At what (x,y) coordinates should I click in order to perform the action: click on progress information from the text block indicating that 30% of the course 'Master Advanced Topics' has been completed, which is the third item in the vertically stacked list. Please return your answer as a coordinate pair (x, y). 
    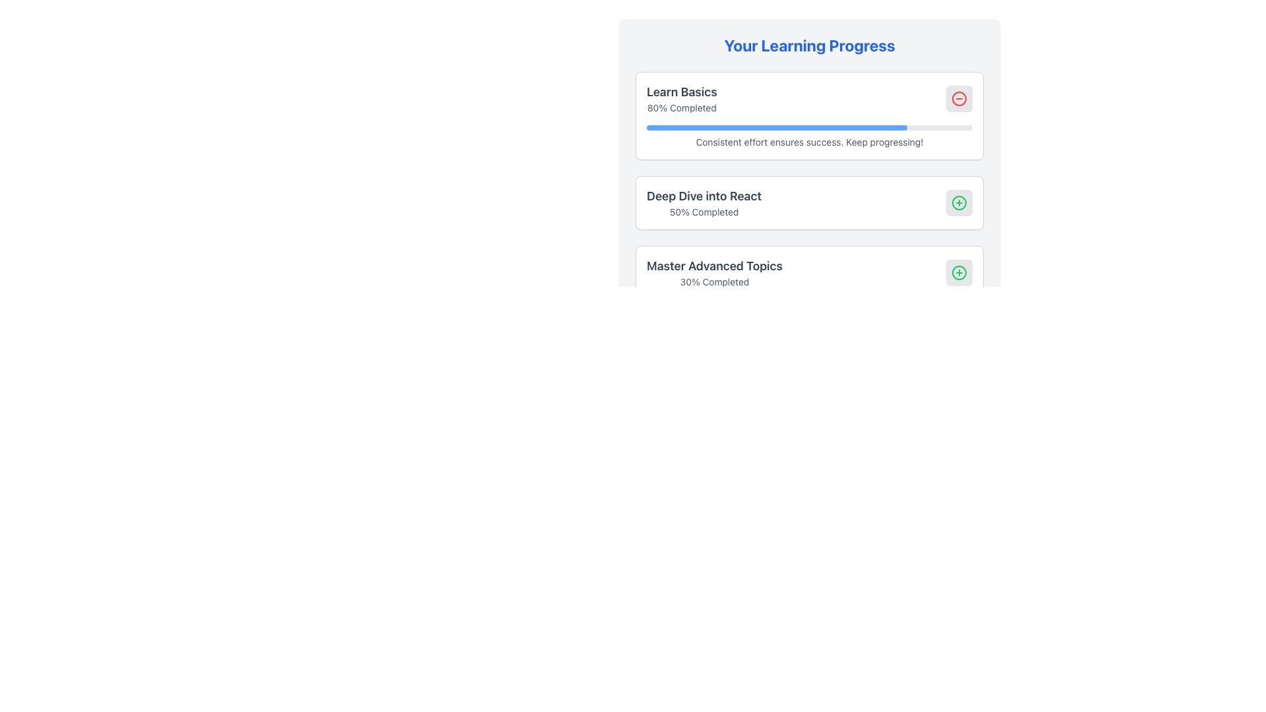
    Looking at the image, I should click on (714, 272).